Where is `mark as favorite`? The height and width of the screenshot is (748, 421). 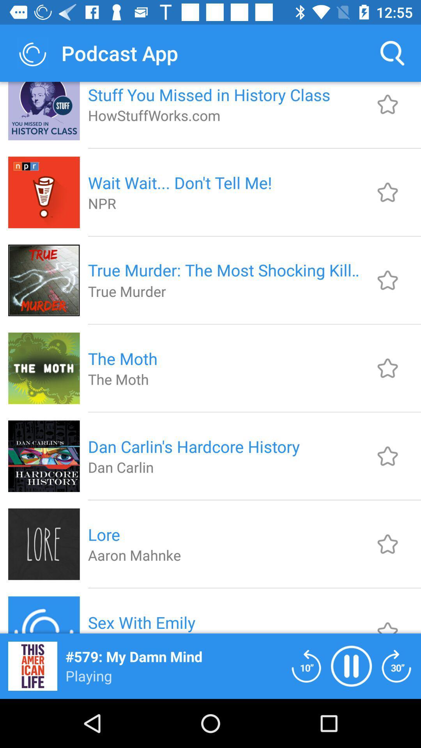
mark as favorite is located at coordinates (387, 543).